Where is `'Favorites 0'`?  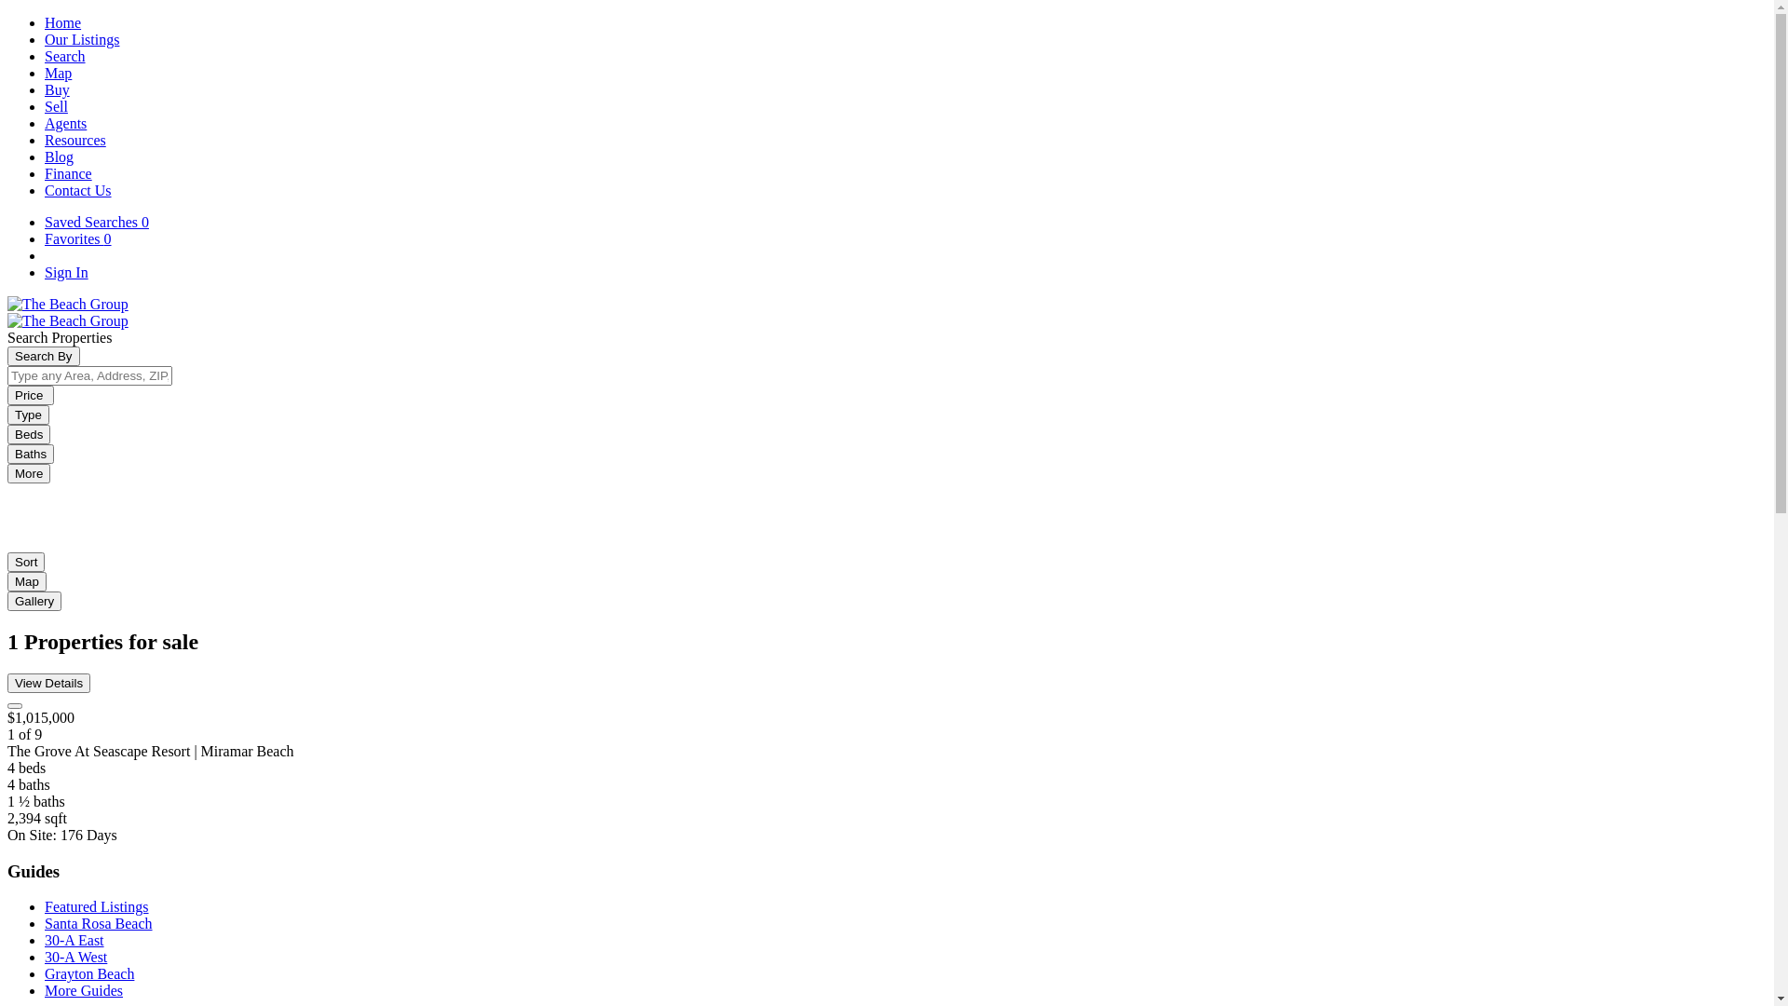 'Favorites 0' is located at coordinates (76, 238).